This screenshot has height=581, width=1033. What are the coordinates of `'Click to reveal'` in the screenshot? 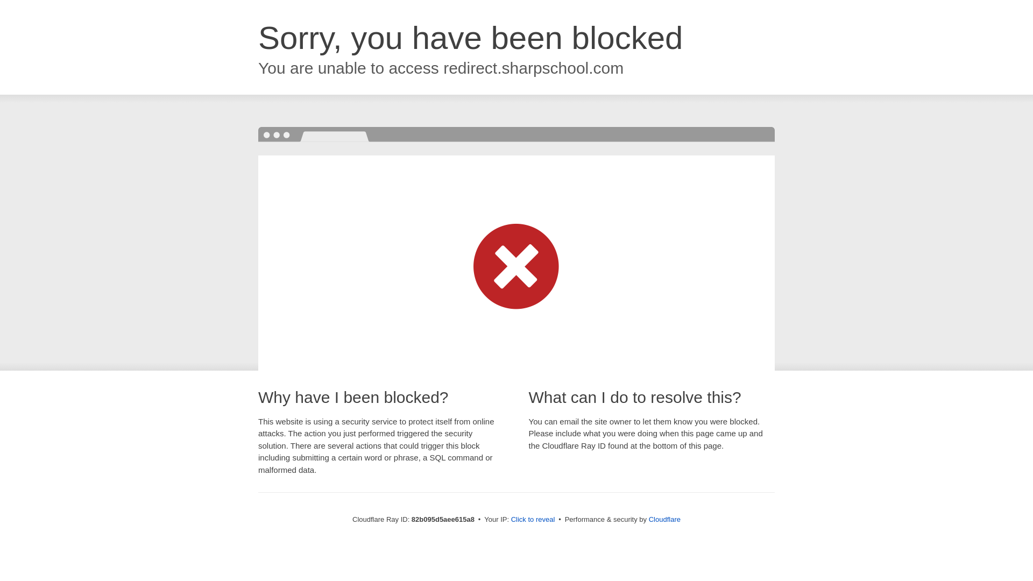 It's located at (533, 519).